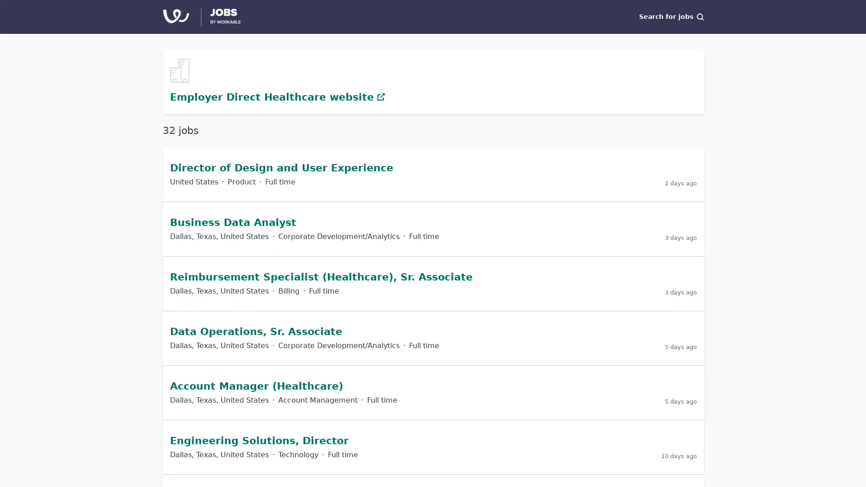 The width and height of the screenshot is (866, 487). I want to click on Engineering Solutions, Director at Employer Direct Healthcare, so click(433, 447).